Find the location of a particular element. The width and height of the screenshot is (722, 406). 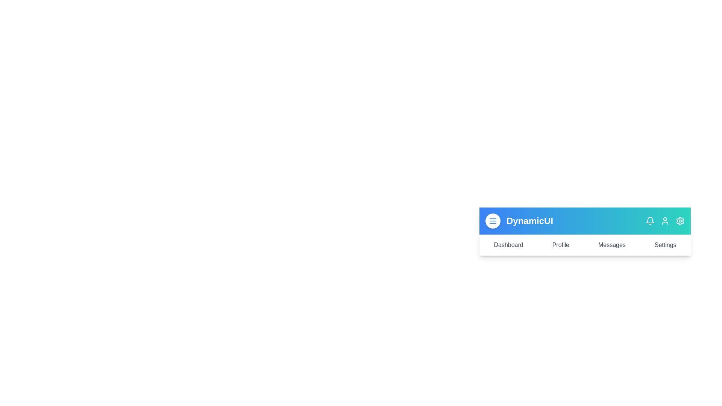

the user profile icon is located at coordinates (665, 220).